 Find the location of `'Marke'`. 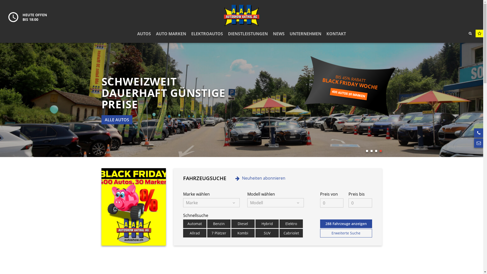

'Marke' is located at coordinates (183, 202).